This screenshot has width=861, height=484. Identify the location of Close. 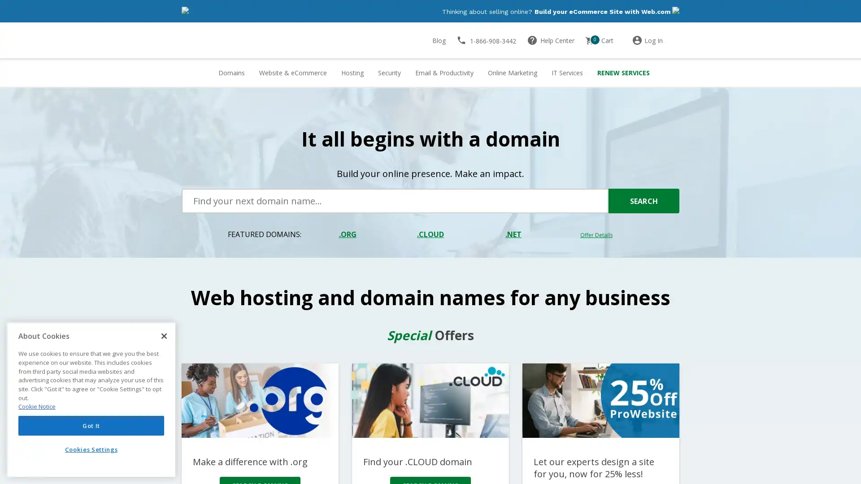
(164, 336).